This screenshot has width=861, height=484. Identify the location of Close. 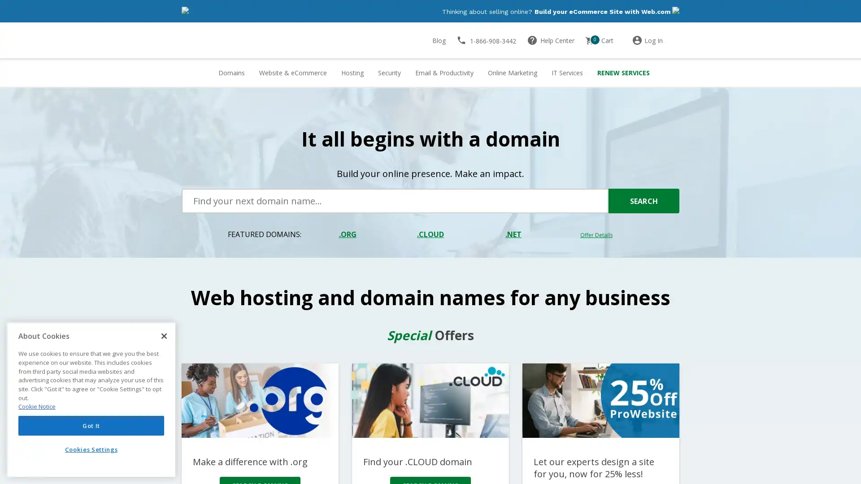
(164, 336).